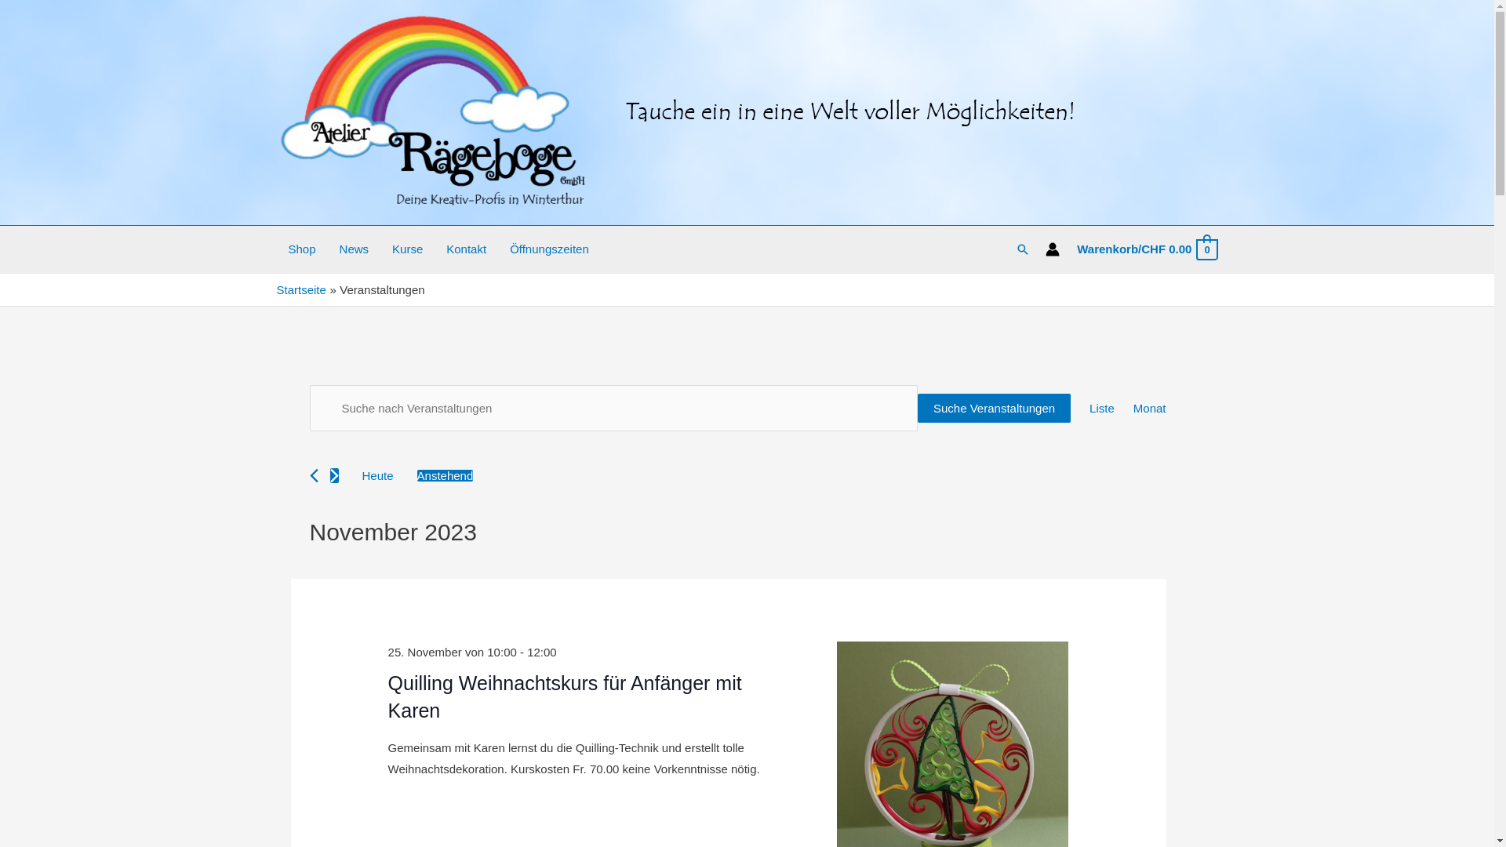  What do you see at coordinates (300, 289) in the screenshot?
I see `'Startseite'` at bounding box center [300, 289].